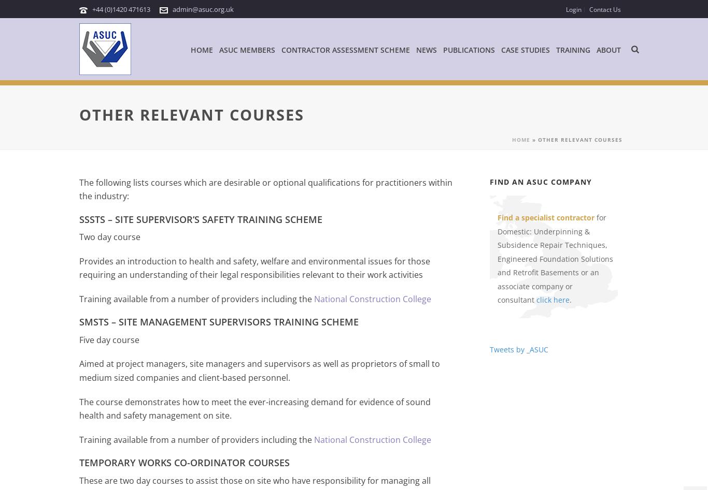 Image resolution: width=708 pixels, height=490 pixels. I want to click on 'Find an ASUC Company', so click(489, 181).